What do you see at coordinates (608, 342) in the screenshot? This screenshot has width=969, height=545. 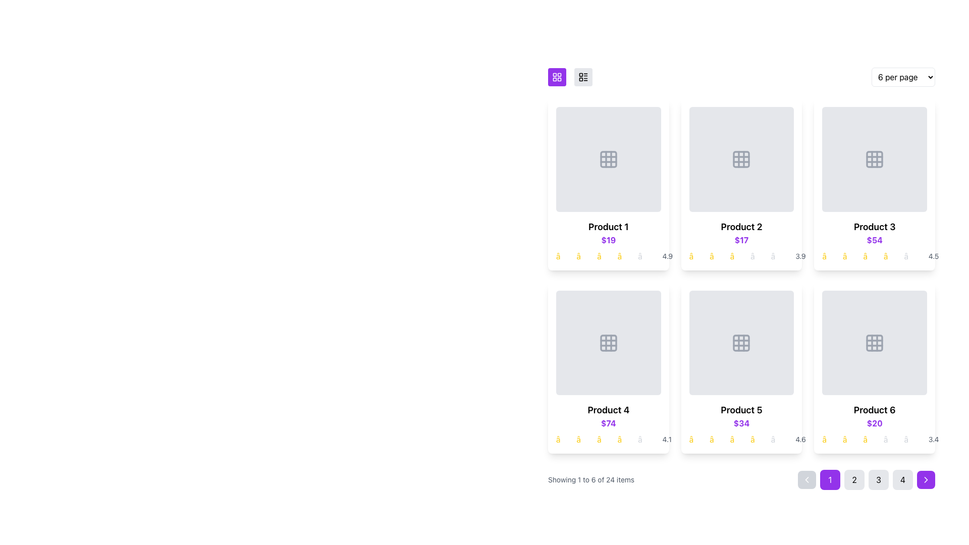 I see `the grid icon representing 'Product 4' located in the lower-left corner of the grid` at bounding box center [608, 342].